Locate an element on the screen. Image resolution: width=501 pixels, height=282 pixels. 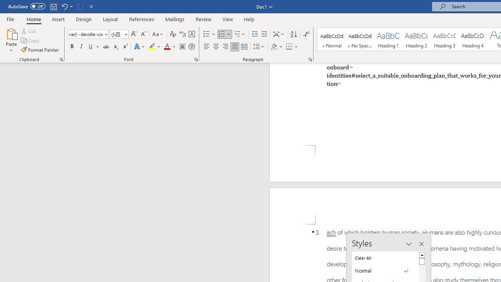
'Design' is located at coordinates (84, 19).